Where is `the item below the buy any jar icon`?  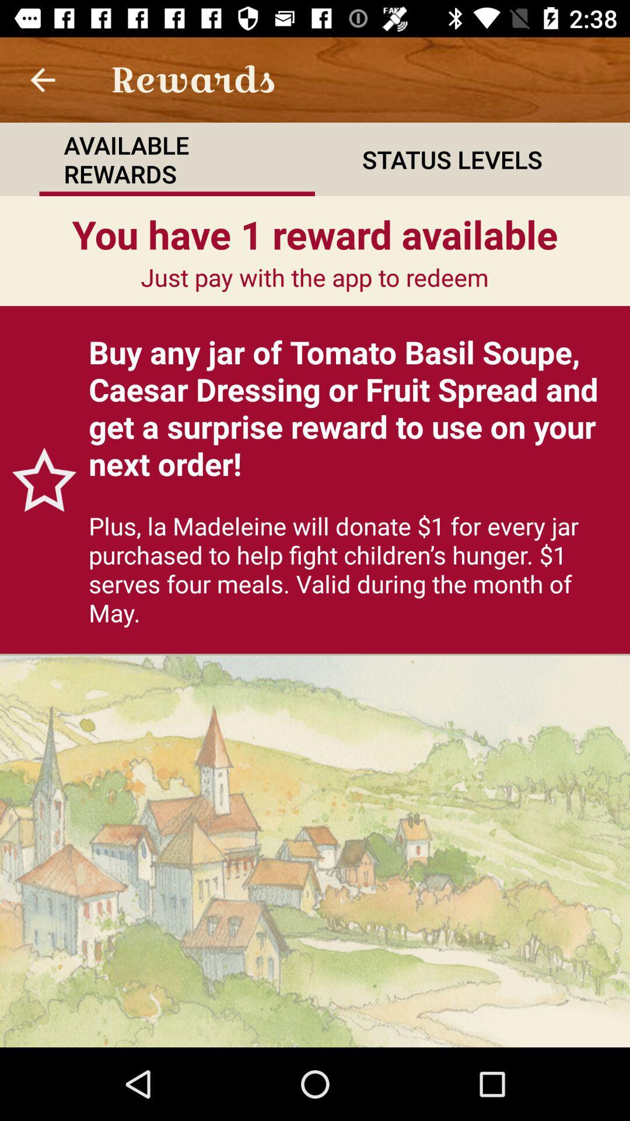
the item below the buy any jar icon is located at coordinates (352, 569).